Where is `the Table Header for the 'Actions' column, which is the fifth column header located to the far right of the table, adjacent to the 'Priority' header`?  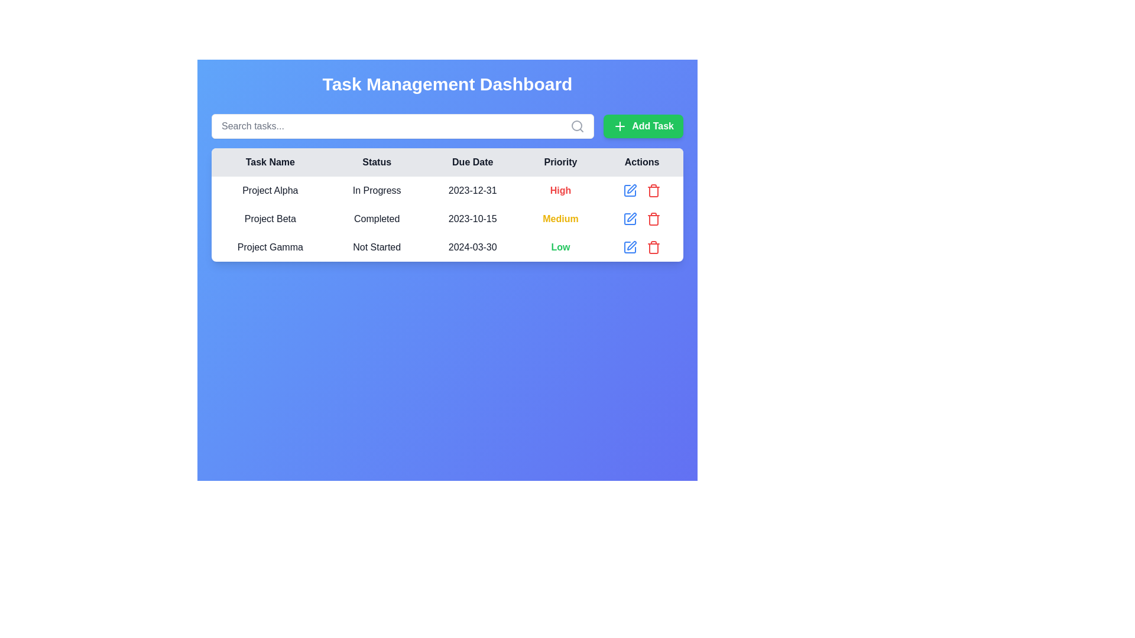
the Table Header for the 'Actions' column, which is the fifth column header located to the far right of the table, adjacent to the 'Priority' header is located at coordinates (641, 162).